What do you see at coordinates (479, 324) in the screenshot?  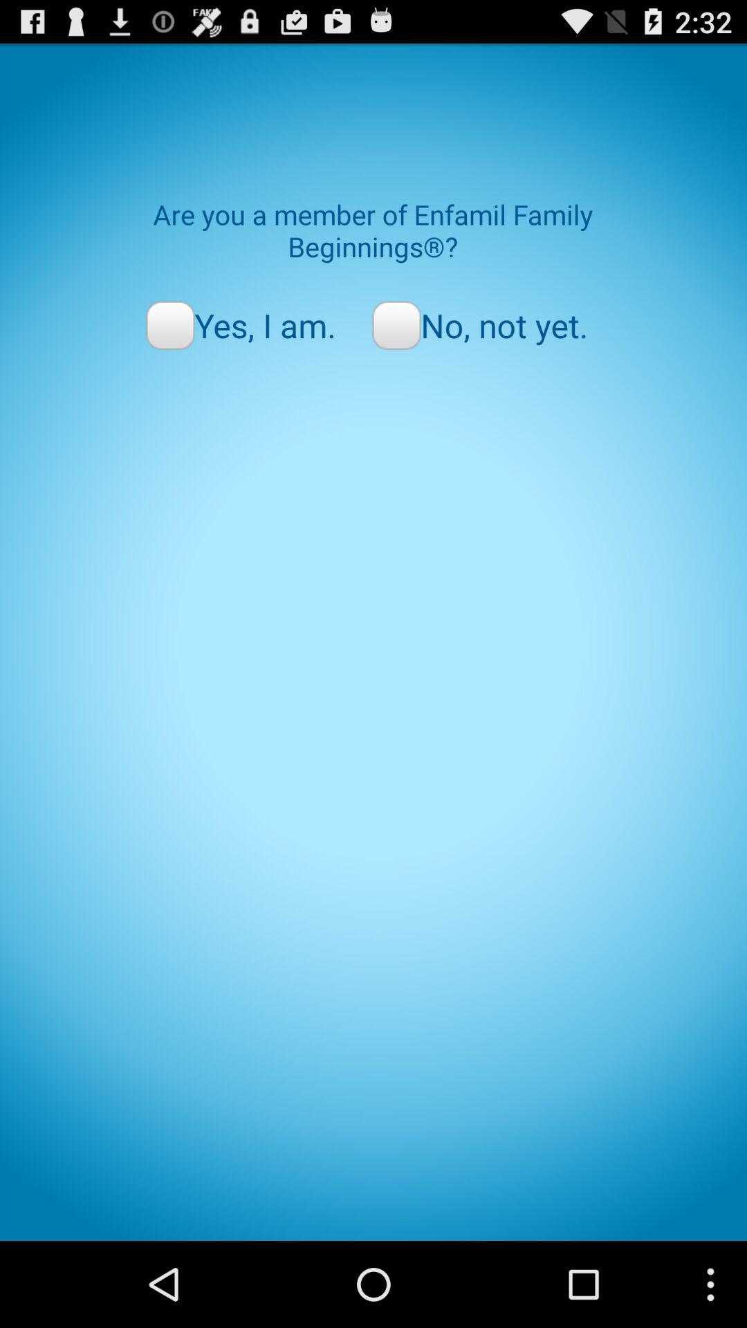 I see `the icon below are you a icon` at bounding box center [479, 324].